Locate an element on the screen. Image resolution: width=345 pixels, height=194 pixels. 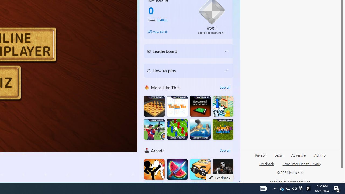
'View Top 10' is located at coordinates (169, 32).